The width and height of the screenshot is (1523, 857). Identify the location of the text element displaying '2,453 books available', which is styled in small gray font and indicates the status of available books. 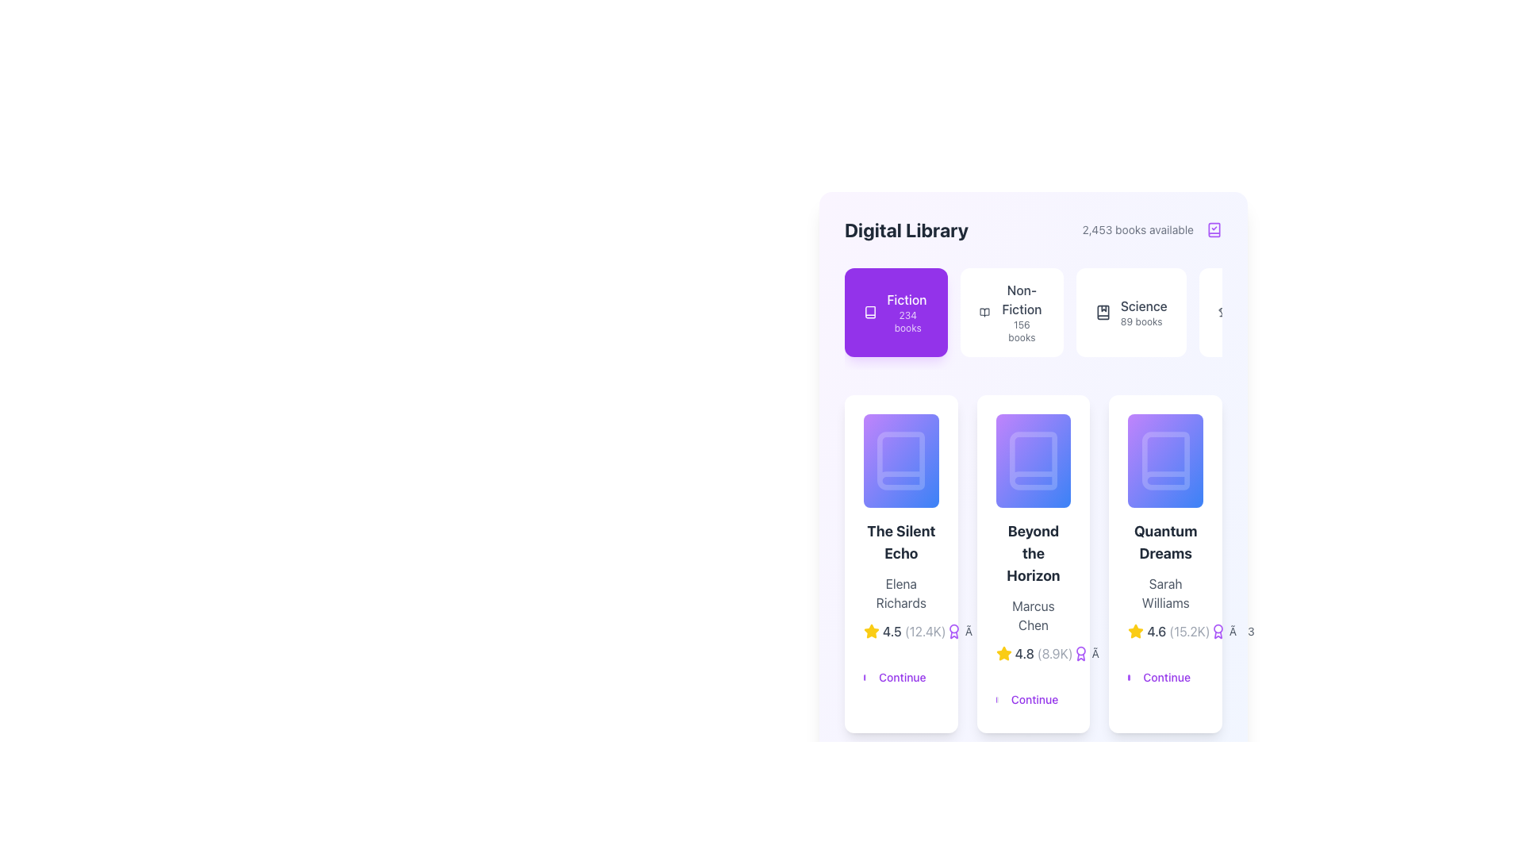
(1137, 229).